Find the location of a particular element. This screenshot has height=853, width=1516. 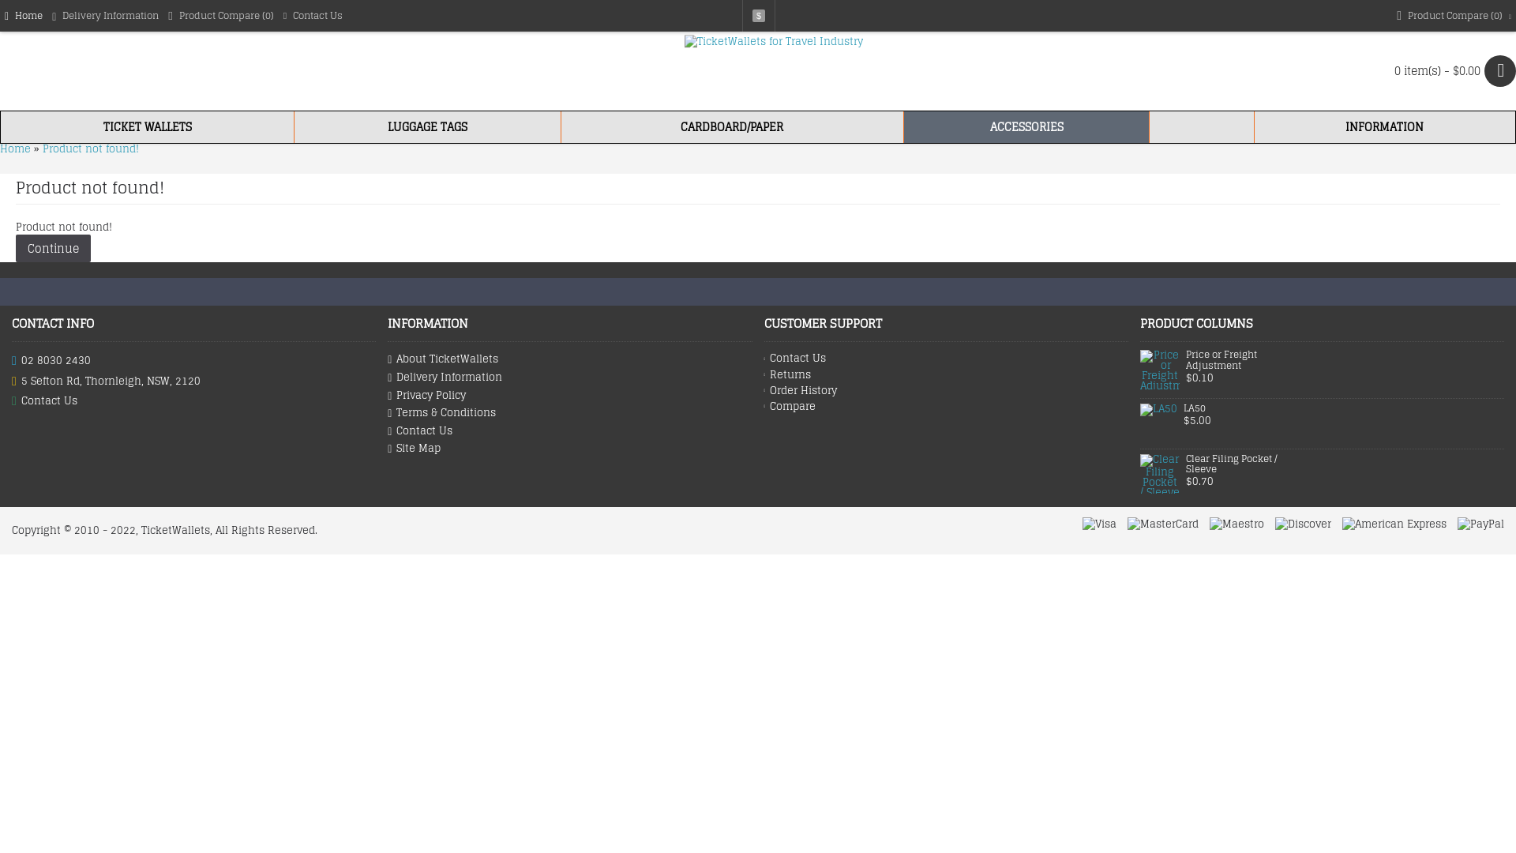

'Contact Us' is located at coordinates (946, 359).